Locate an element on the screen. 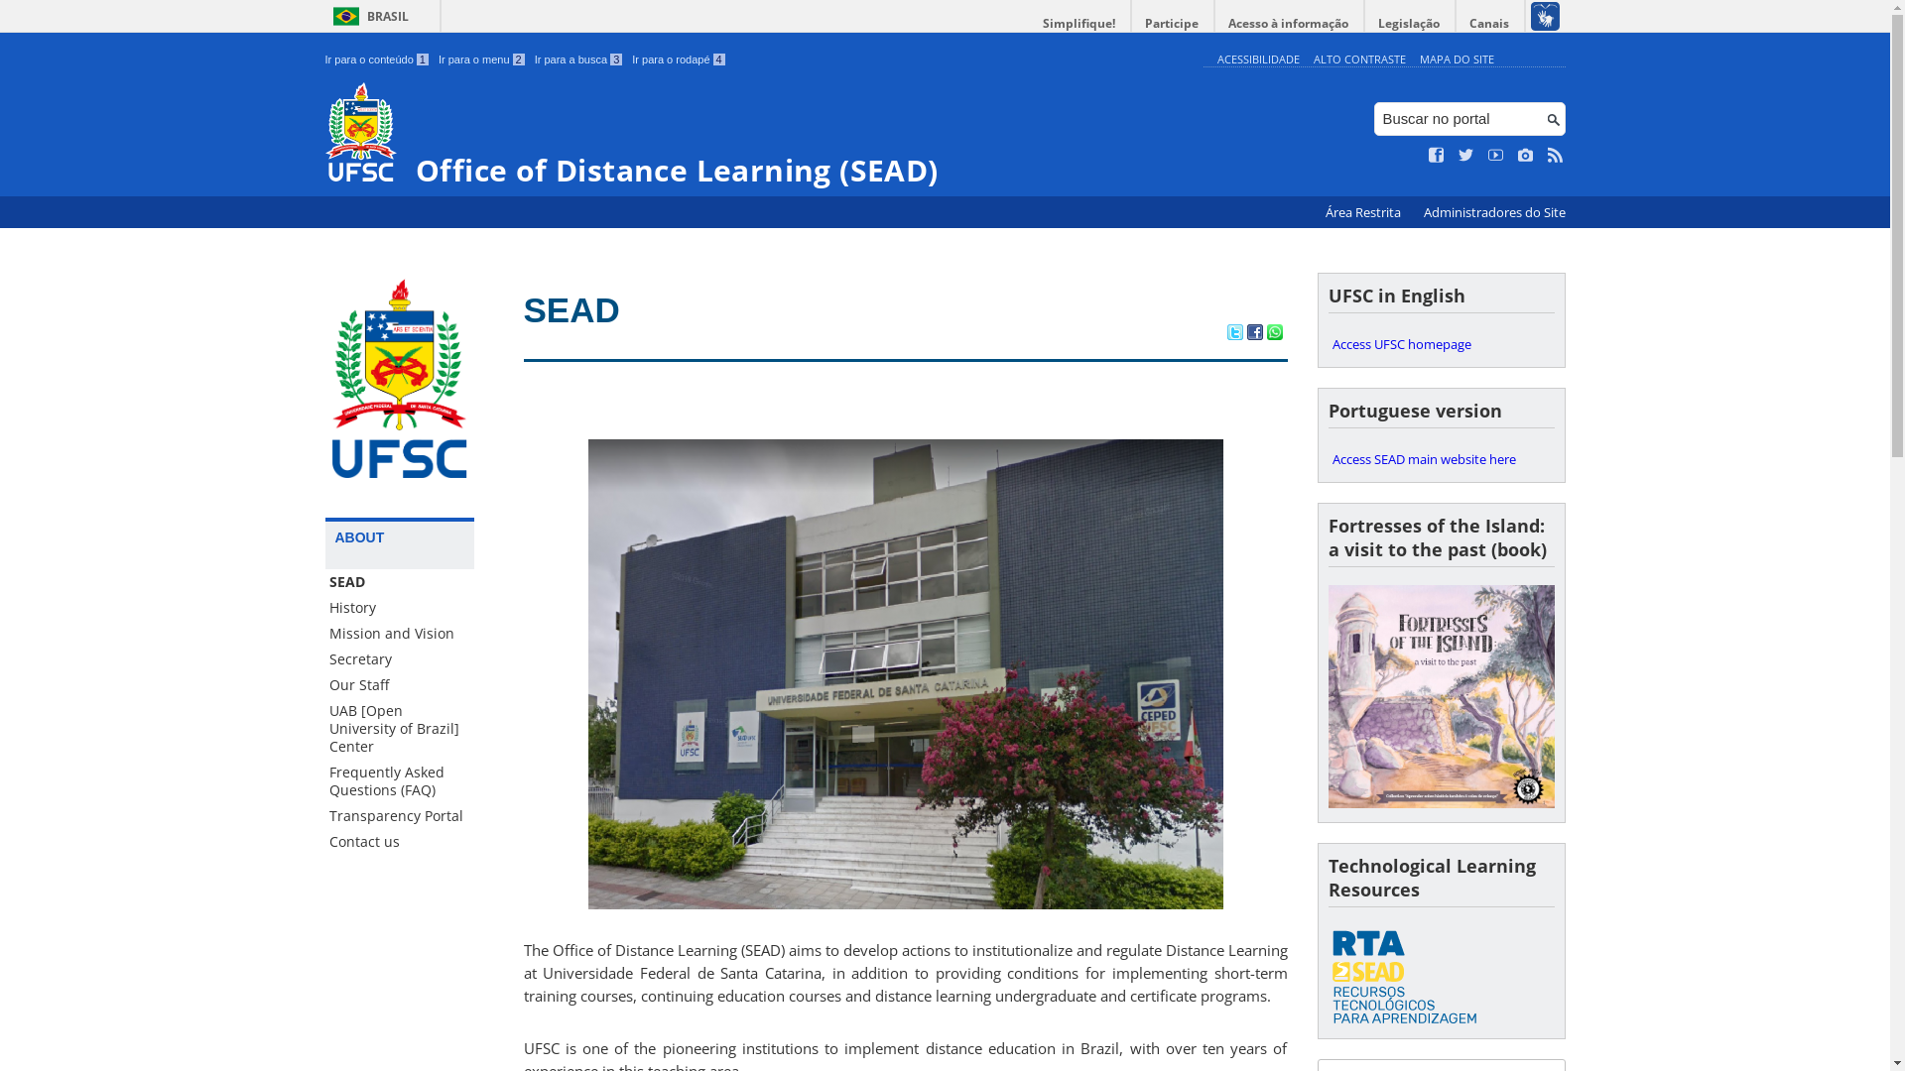 The image size is (1905, 1071). 'Our Staff' is located at coordinates (324, 683).